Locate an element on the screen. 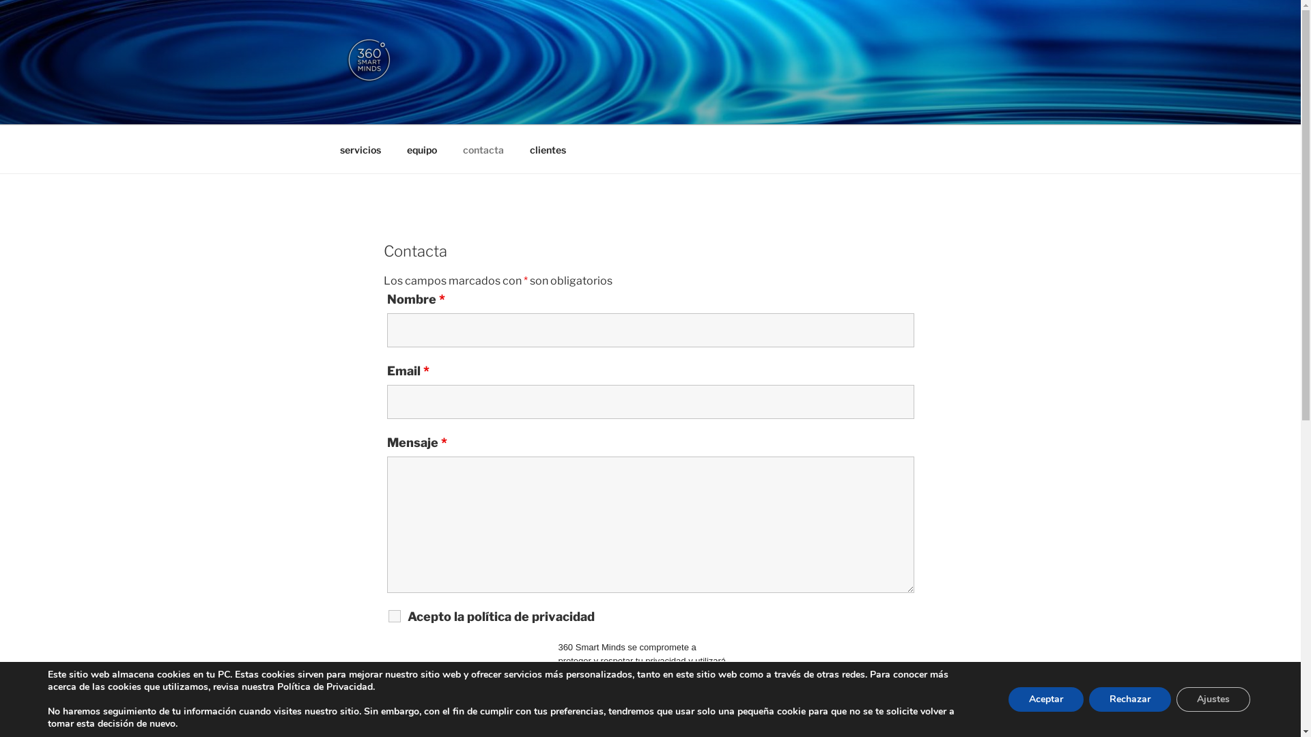  'servicios' is located at coordinates (360, 149).